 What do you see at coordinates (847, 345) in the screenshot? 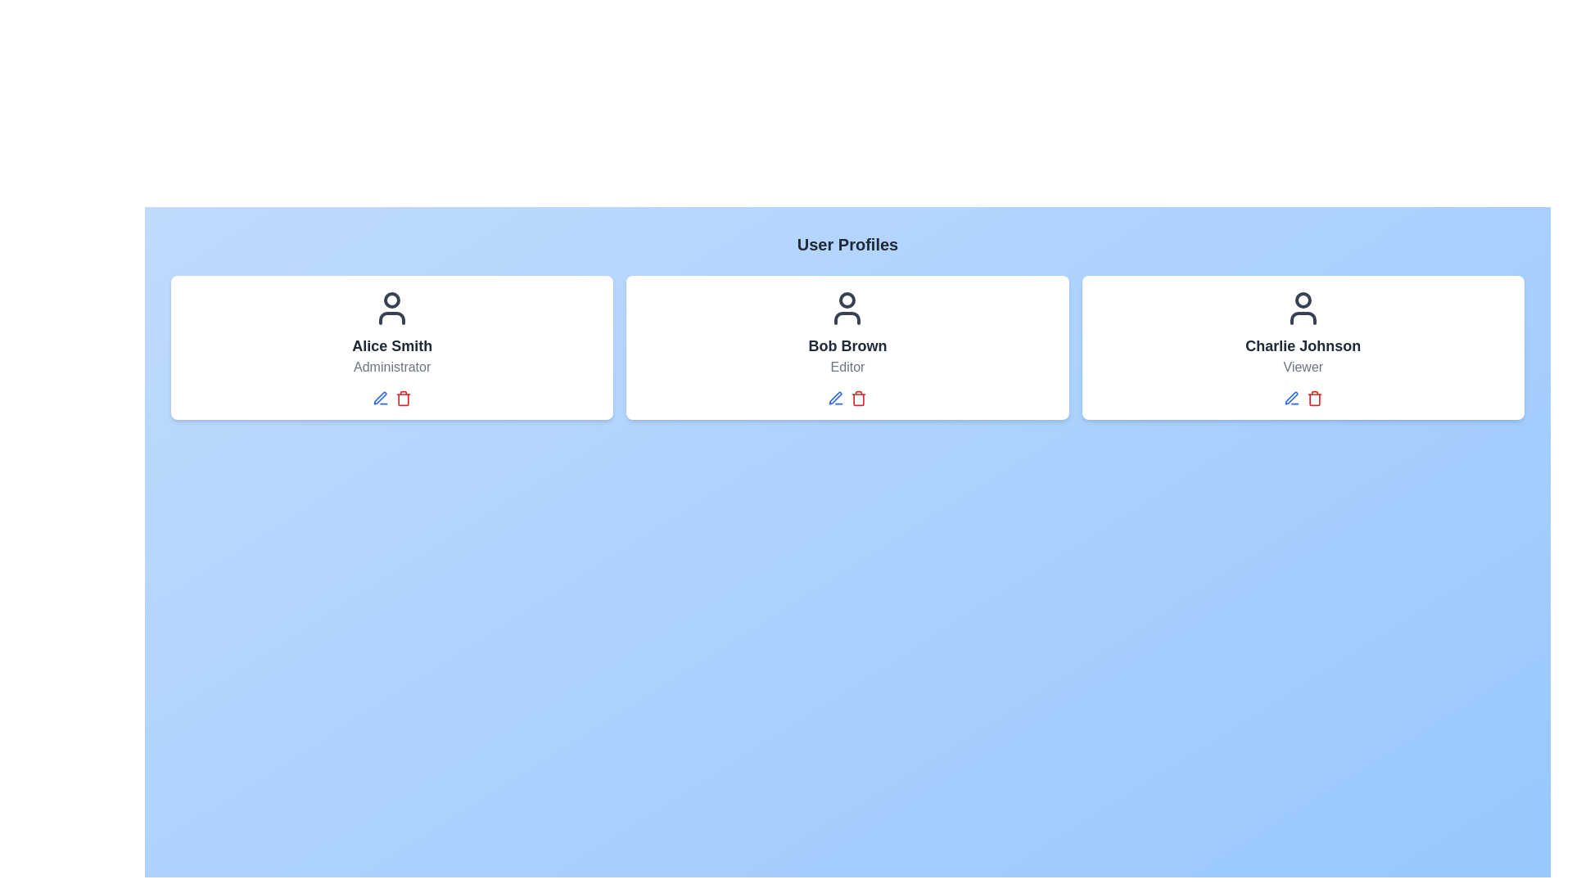
I see `the user name text label located in the center of the card, positioned below the user profile icon and above the descriptive text 'Editor'` at bounding box center [847, 345].